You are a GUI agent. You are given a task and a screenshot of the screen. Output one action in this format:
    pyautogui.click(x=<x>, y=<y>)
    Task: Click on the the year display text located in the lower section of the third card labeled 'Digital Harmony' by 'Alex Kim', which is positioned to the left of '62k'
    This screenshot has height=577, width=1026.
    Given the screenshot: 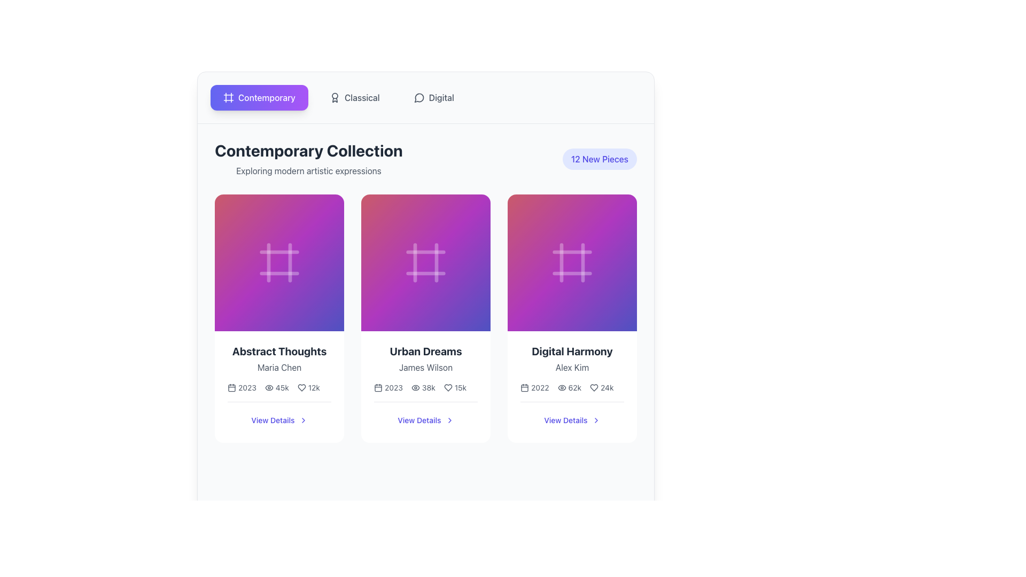 What is the action you would take?
    pyautogui.click(x=534, y=387)
    